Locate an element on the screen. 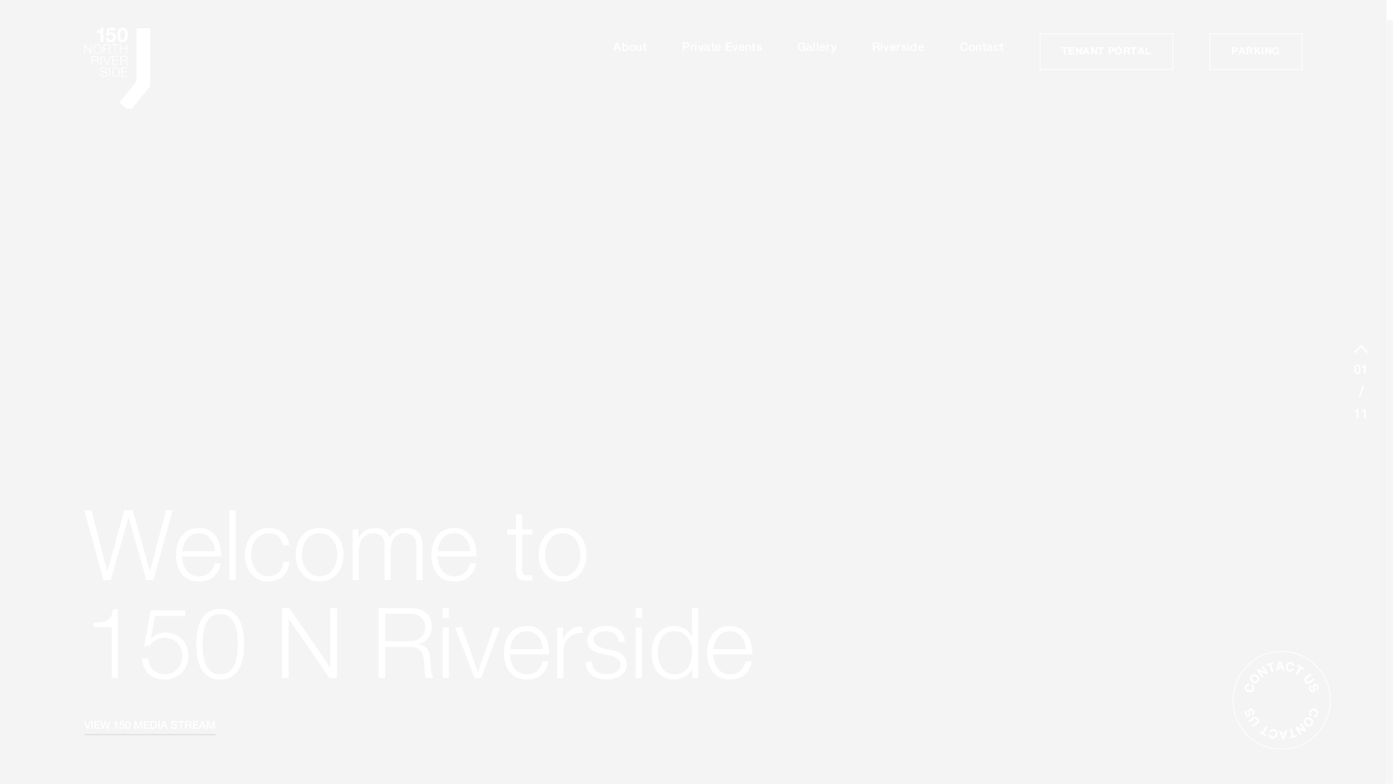  'Private Events' is located at coordinates (721, 46).